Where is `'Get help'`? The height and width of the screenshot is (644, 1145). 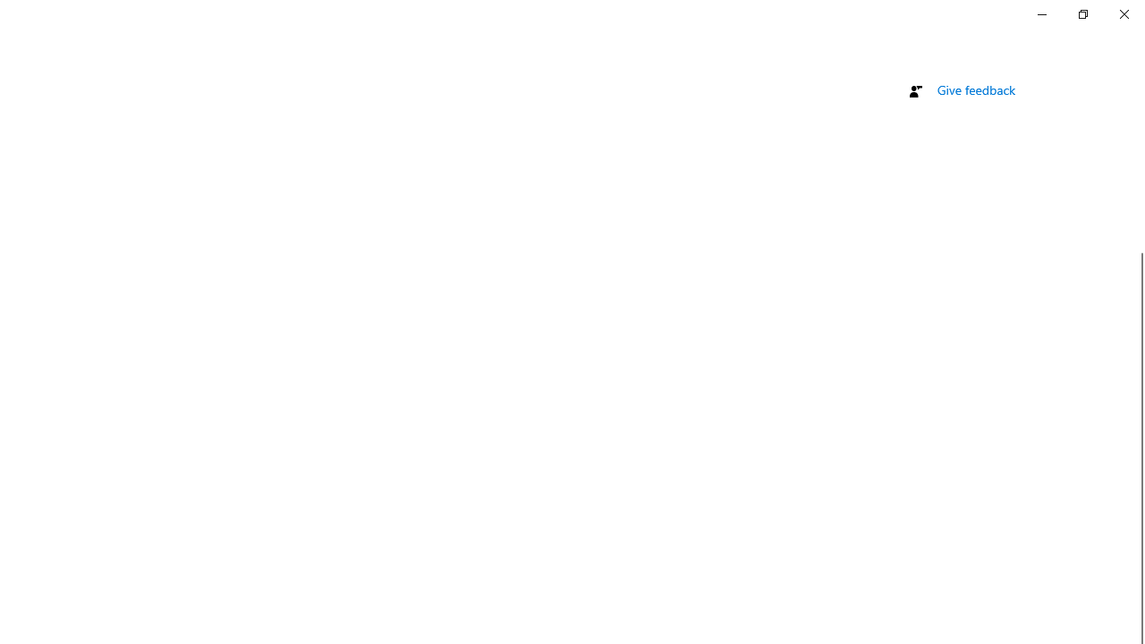
'Get help' is located at coordinates (960, 61).